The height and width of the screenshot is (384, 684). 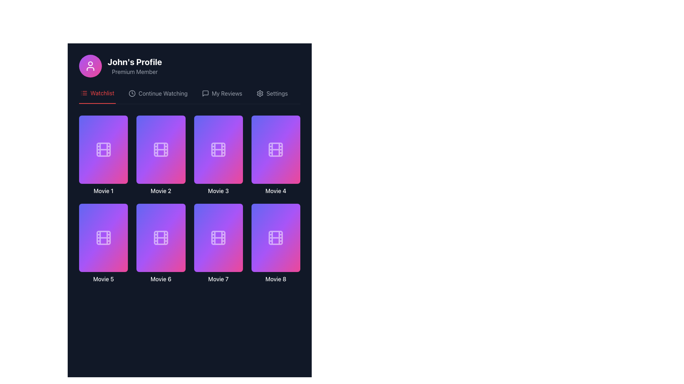 What do you see at coordinates (84, 93) in the screenshot?
I see `the 'Watchlist' menu item icon located in the upper-left section of the interface` at bounding box center [84, 93].